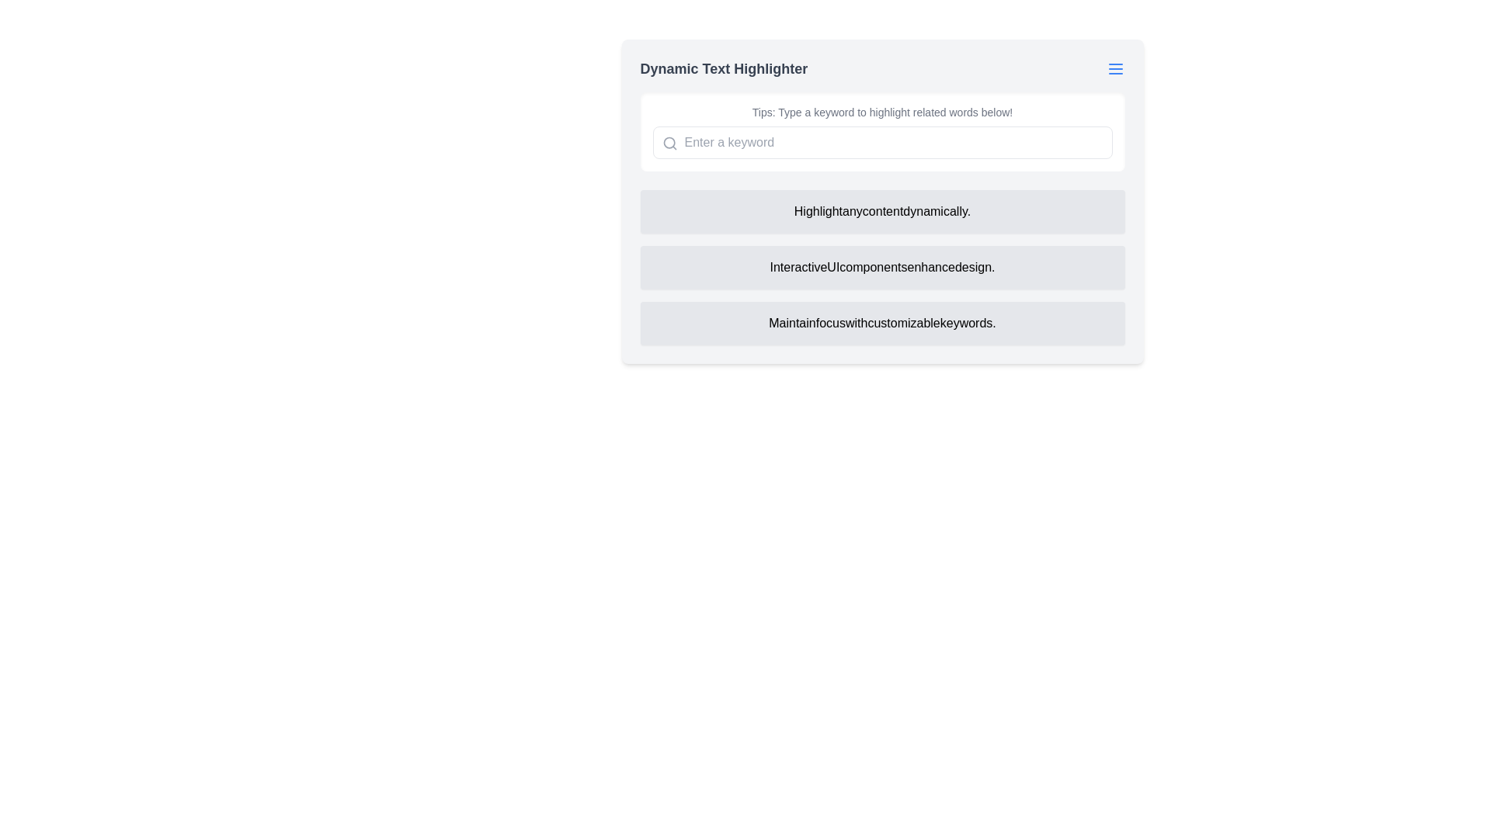 The height and width of the screenshot is (838, 1491). Describe the element at coordinates (817, 211) in the screenshot. I see `the static text label displaying the word 'Highlight', which is the first word in the sentence 'Highlight any content dynamically.'` at that location.